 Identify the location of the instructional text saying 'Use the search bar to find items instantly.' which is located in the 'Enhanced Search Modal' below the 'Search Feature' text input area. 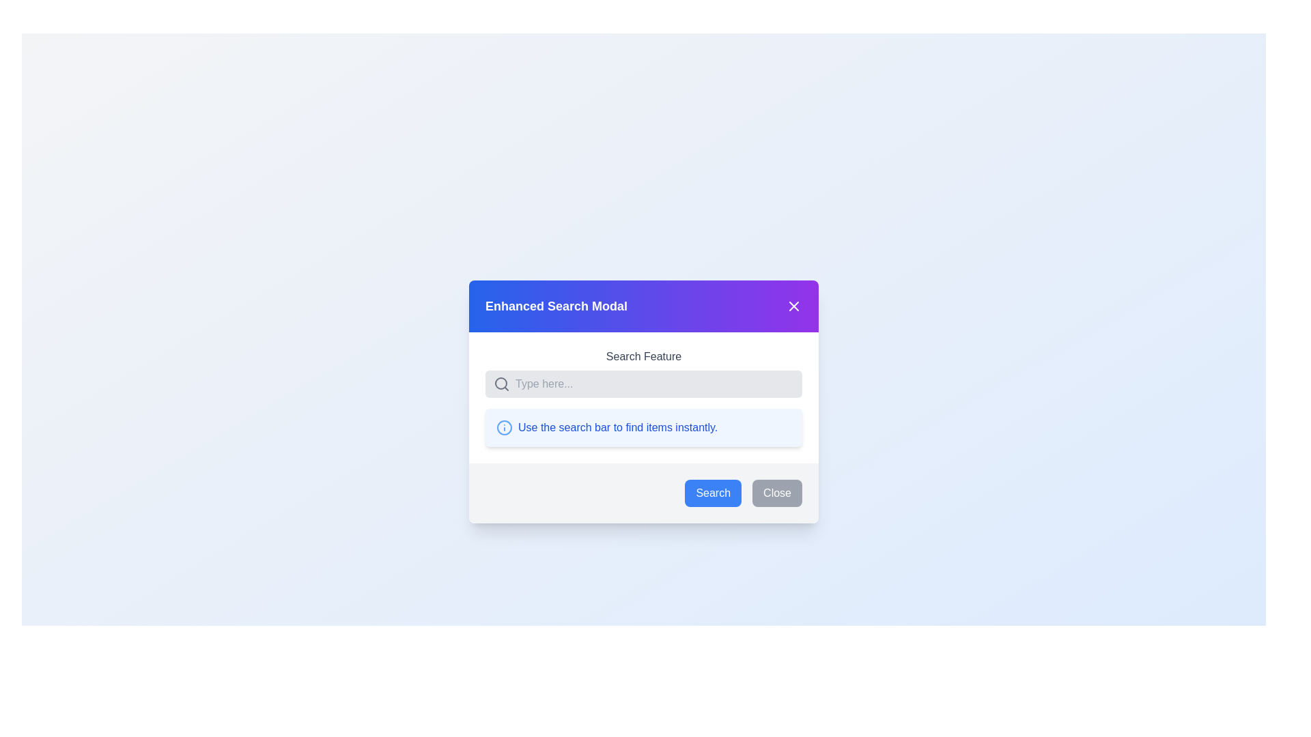
(643, 427).